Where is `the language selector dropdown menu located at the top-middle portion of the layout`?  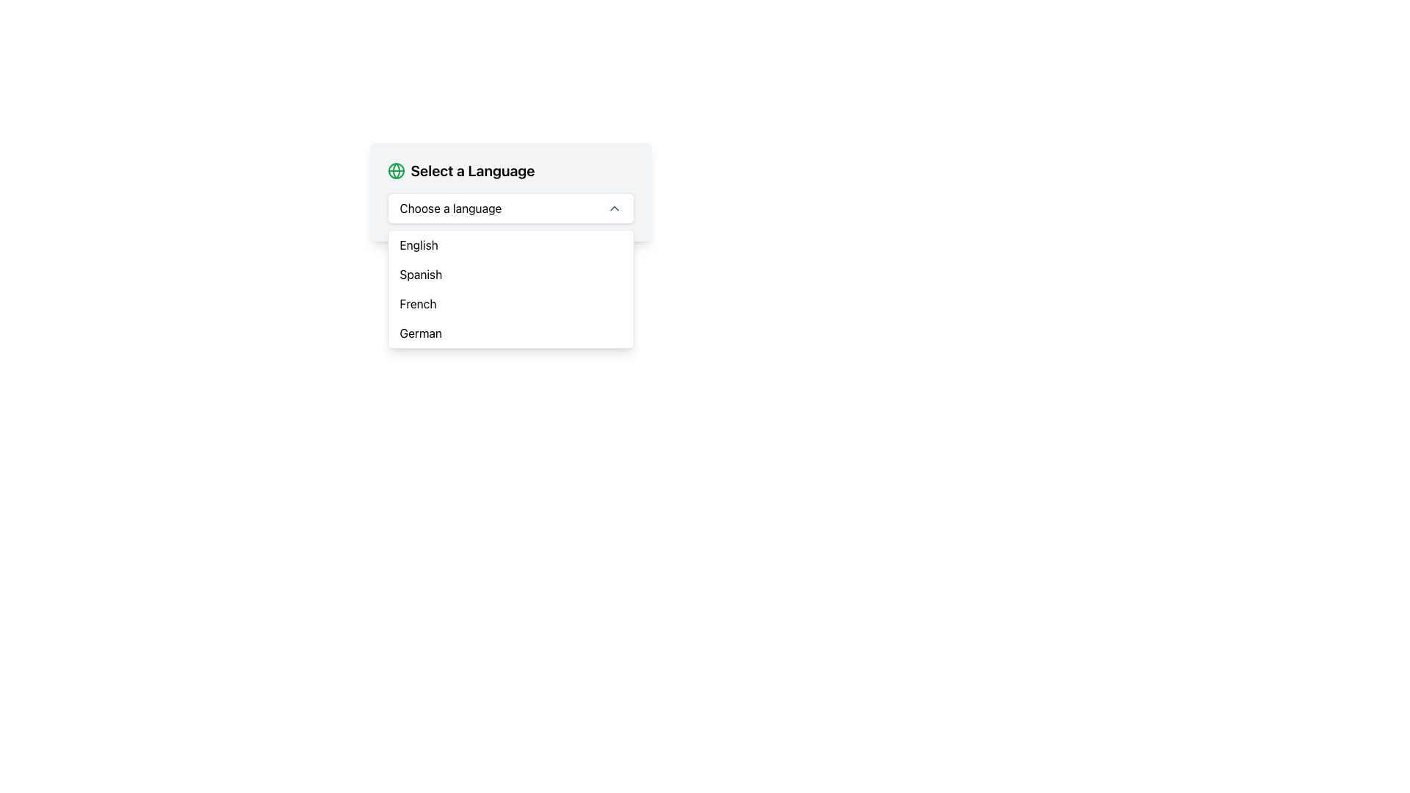 the language selector dropdown menu located at the top-middle portion of the layout is located at coordinates (510, 192).